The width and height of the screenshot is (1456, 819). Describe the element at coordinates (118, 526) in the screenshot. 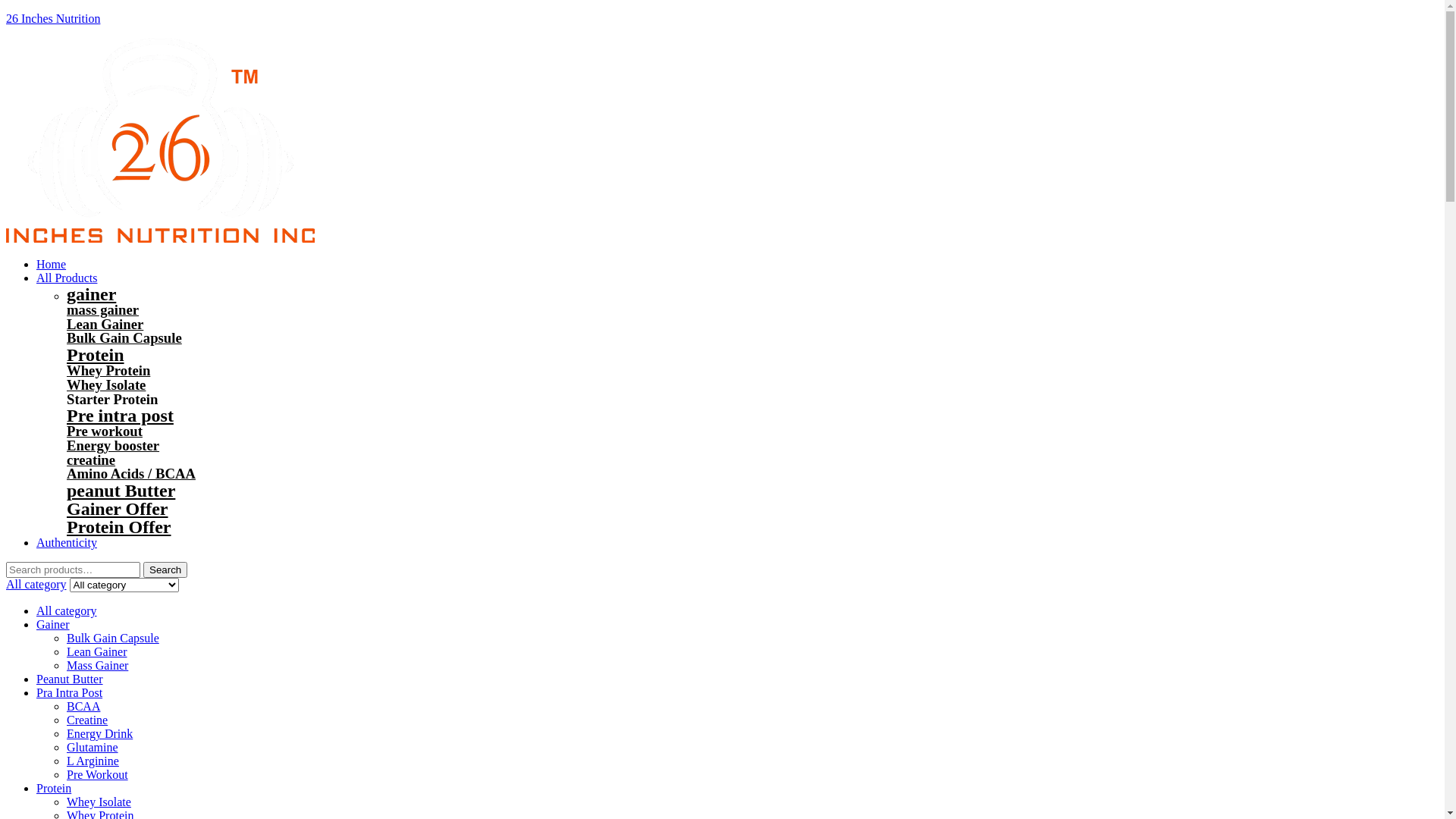

I see `'Protein Offer'` at that location.